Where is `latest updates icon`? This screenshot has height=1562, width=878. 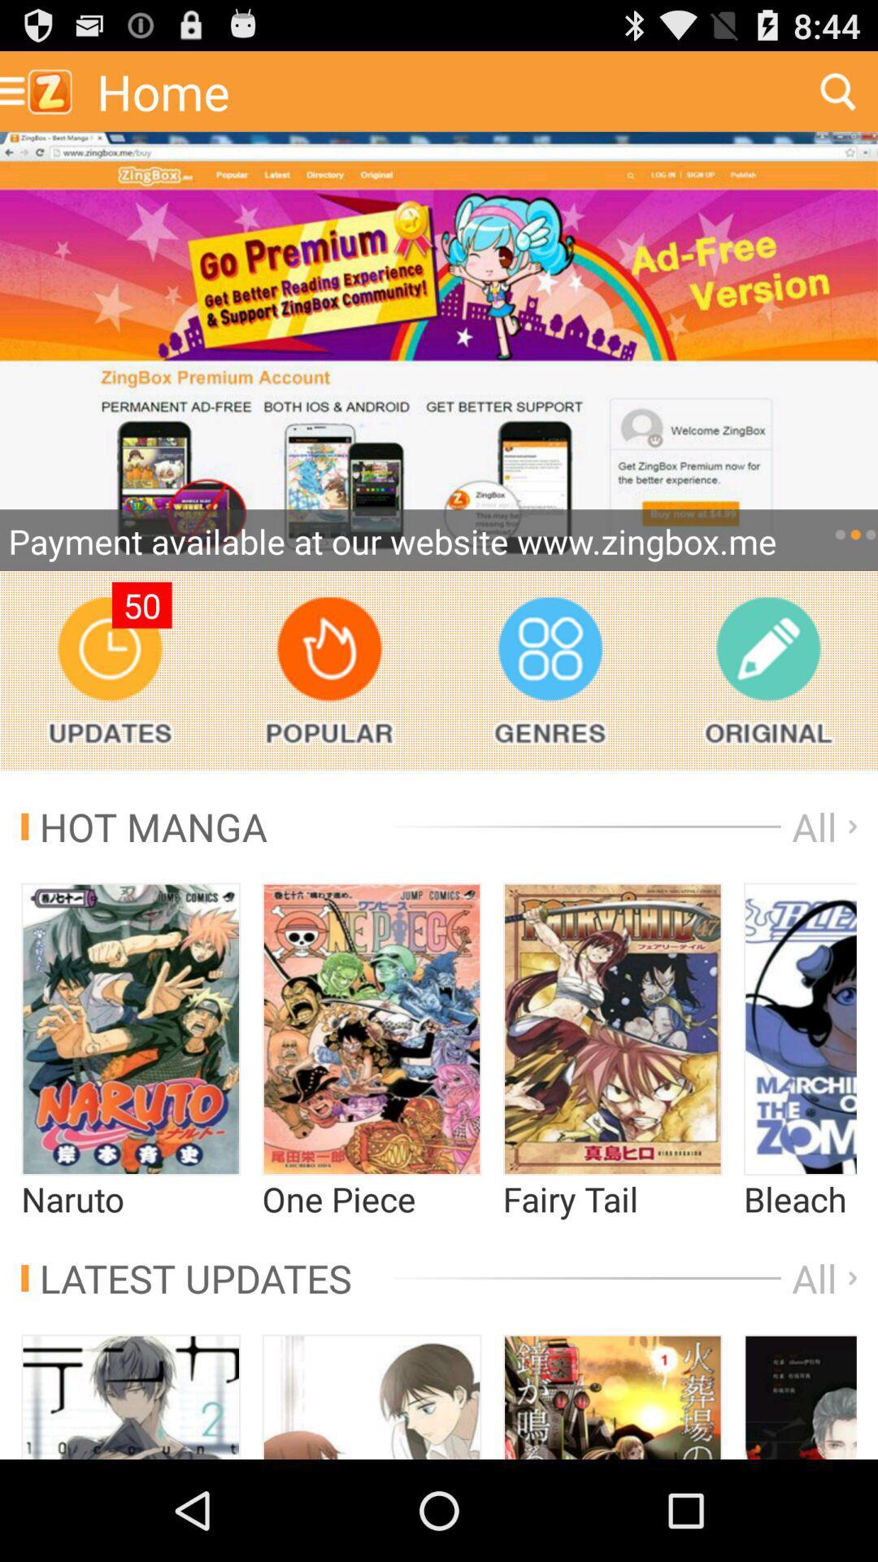 latest updates icon is located at coordinates (185, 1277).